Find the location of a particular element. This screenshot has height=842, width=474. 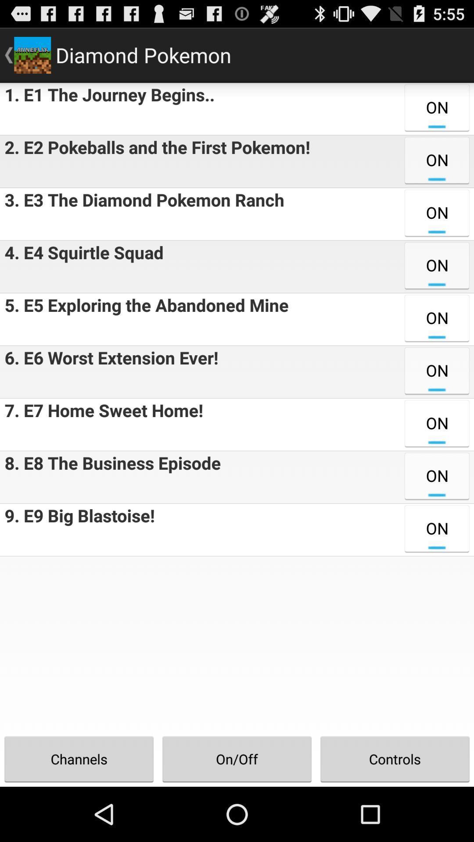

the app above the 4 e4 squirtle app is located at coordinates (142, 214).